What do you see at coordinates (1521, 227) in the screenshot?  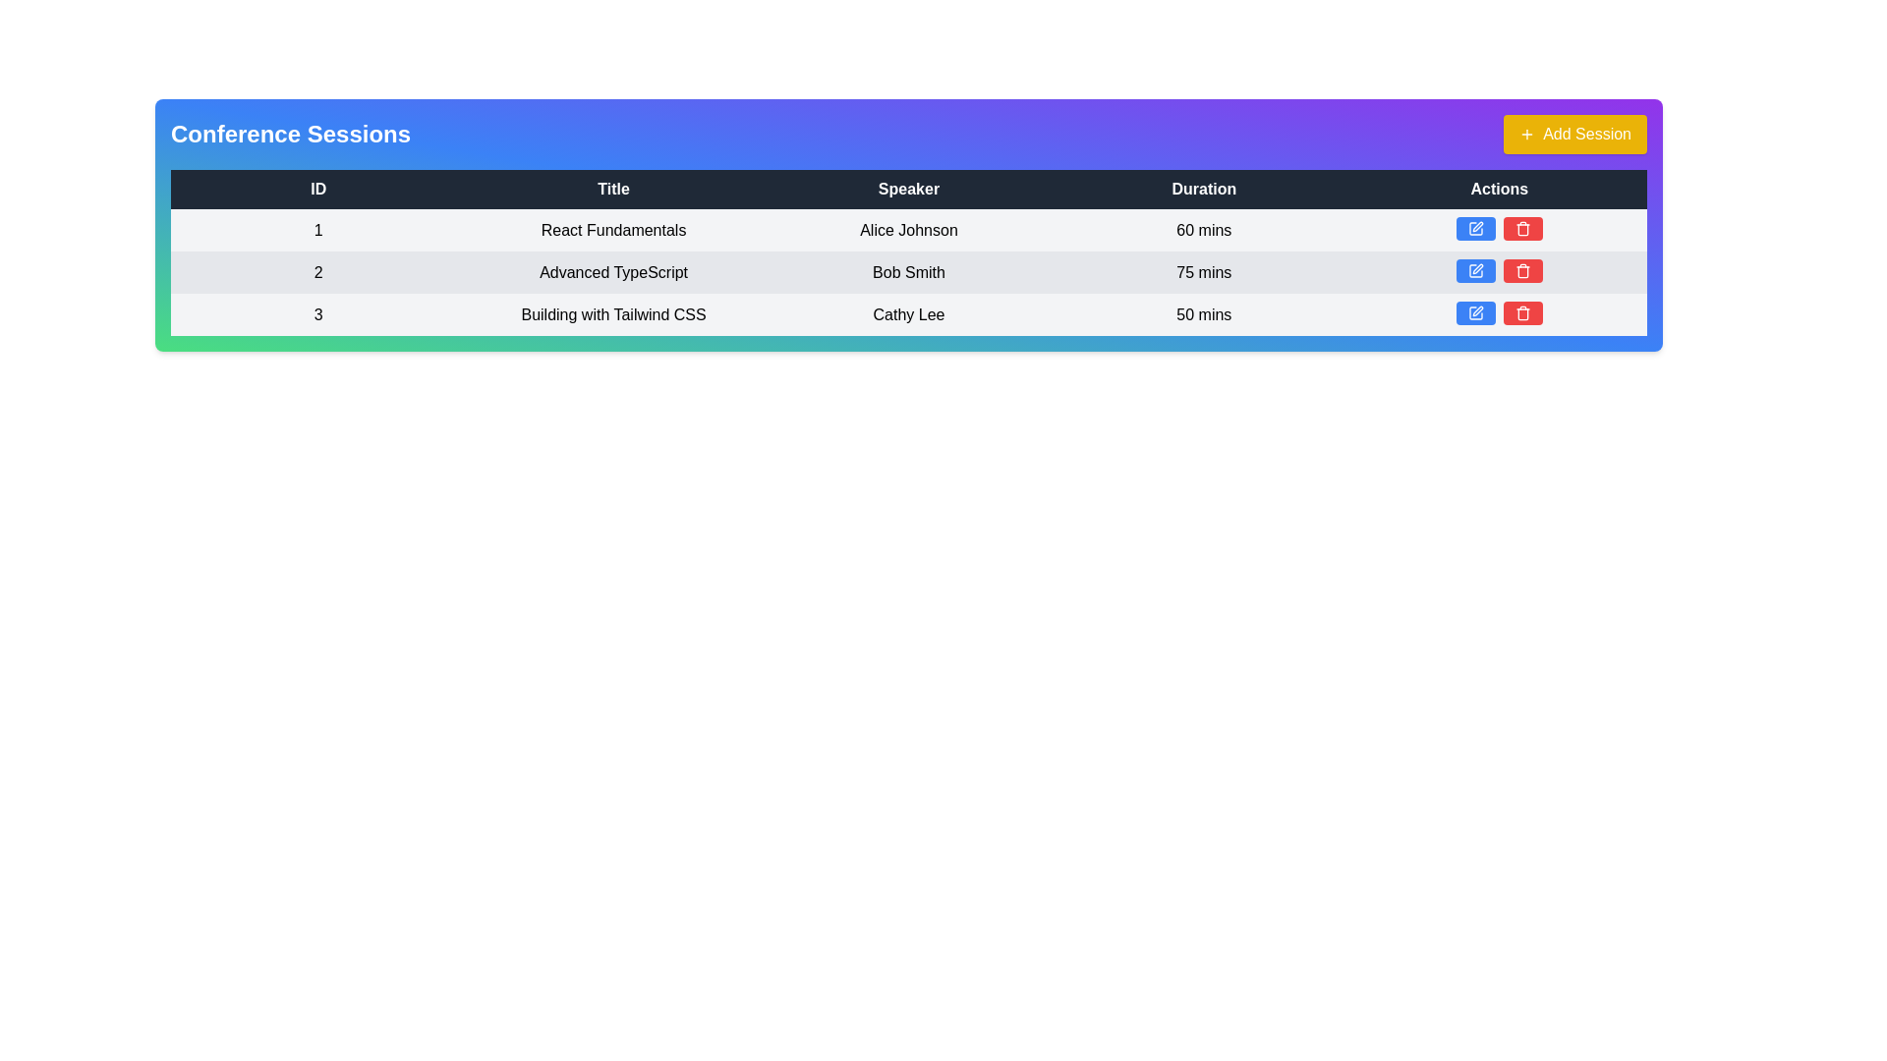 I see `the delete action button located in the 'Actions' column of the table, which is the second button in a pair of action buttons` at bounding box center [1521, 227].